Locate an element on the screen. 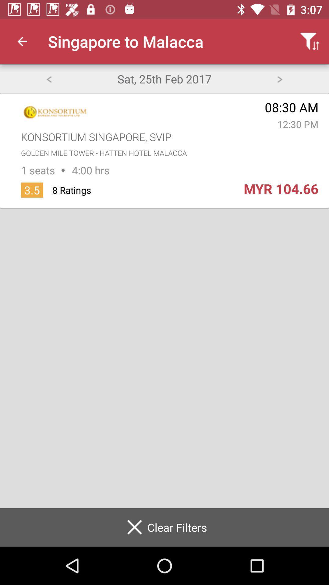 The image size is (329, 585). item to the right of sat 25th feb icon is located at coordinates (280, 78).